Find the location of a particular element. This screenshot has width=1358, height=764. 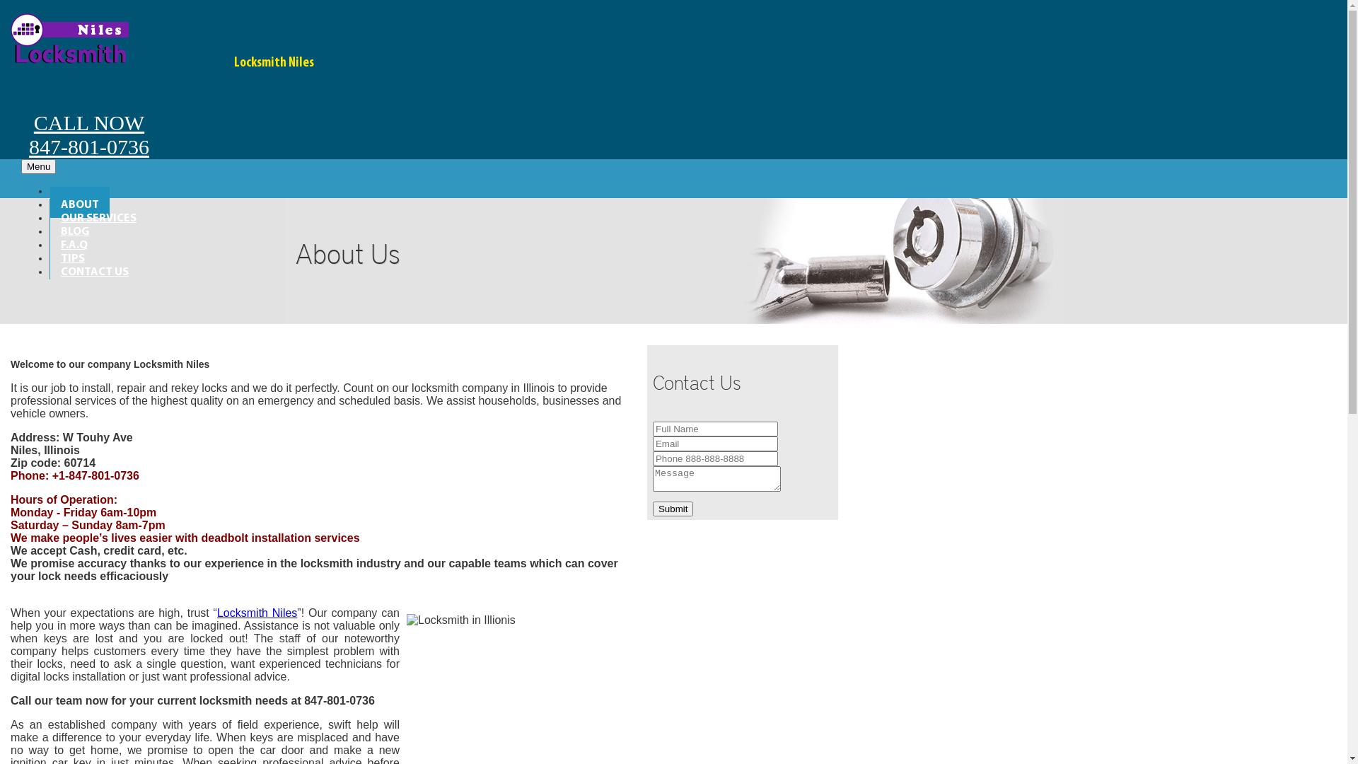

'Menu' is located at coordinates (38, 166).